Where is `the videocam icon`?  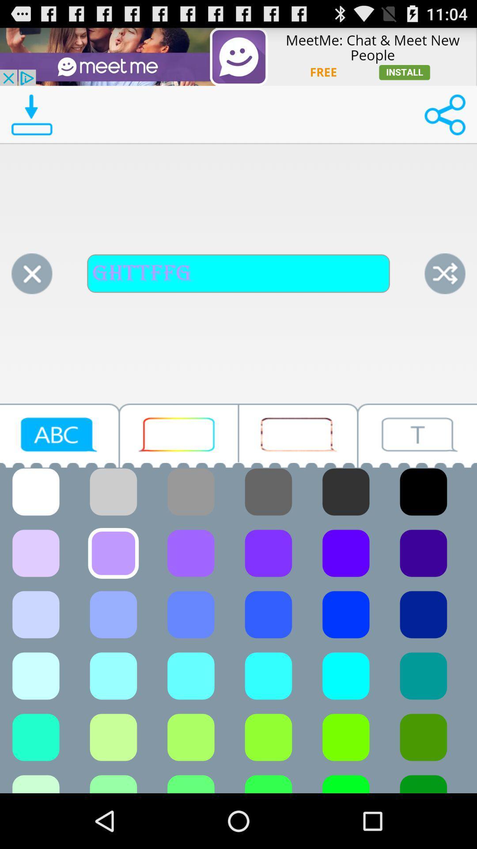
the videocam icon is located at coordinates (417, 466).